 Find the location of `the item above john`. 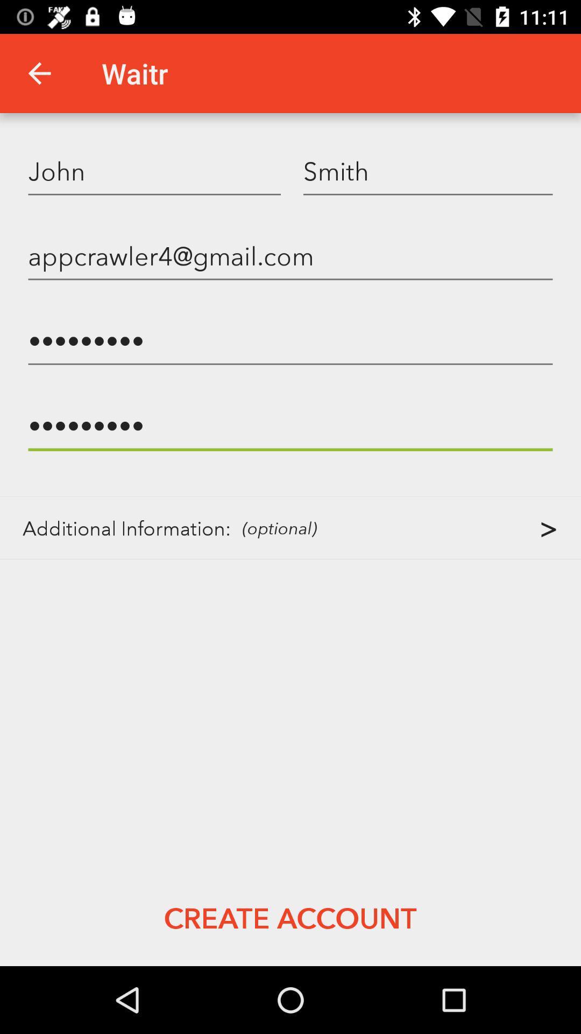

the item above john is located at coordinates (39, 73).